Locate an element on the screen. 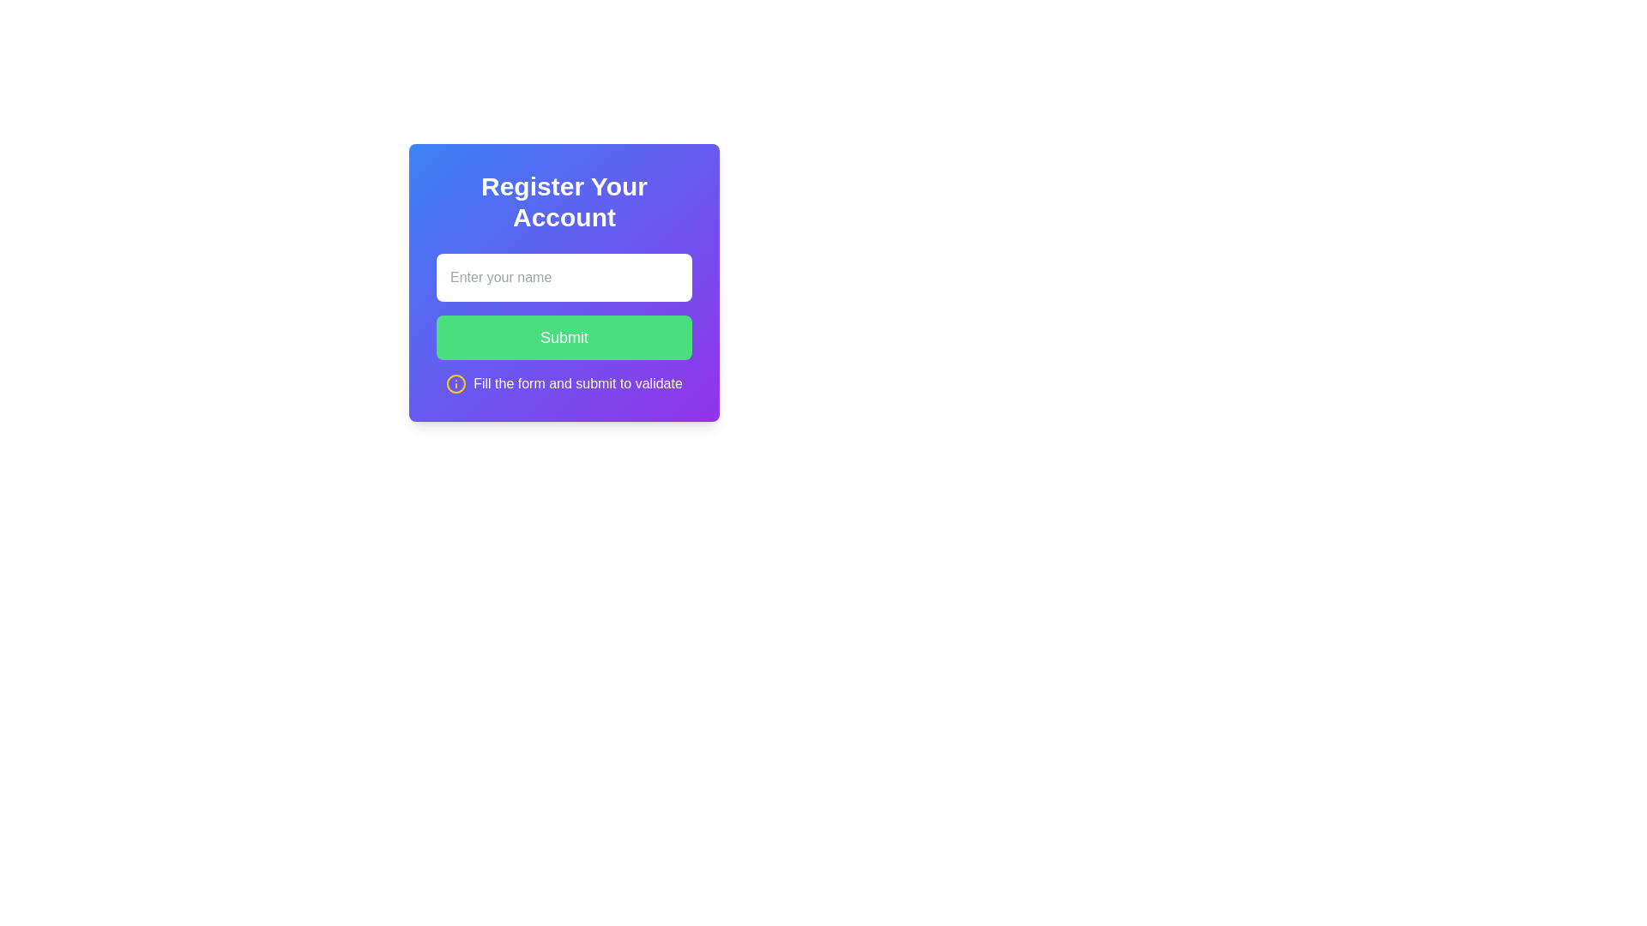 The image size is (1647, 926). the circle with a yellow border located within a blue background, part of an icon to the left of the text label 'Fill the form and submit to validate', at the bottom of the registration form is located at coordinates (456, 382).